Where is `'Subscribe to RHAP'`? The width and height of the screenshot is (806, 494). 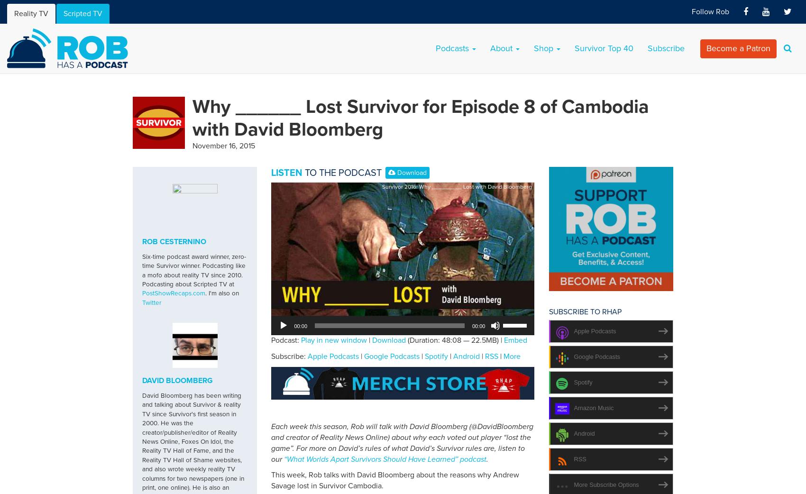
'Subscribe to RHAP' is located at coordinates (584, 312).